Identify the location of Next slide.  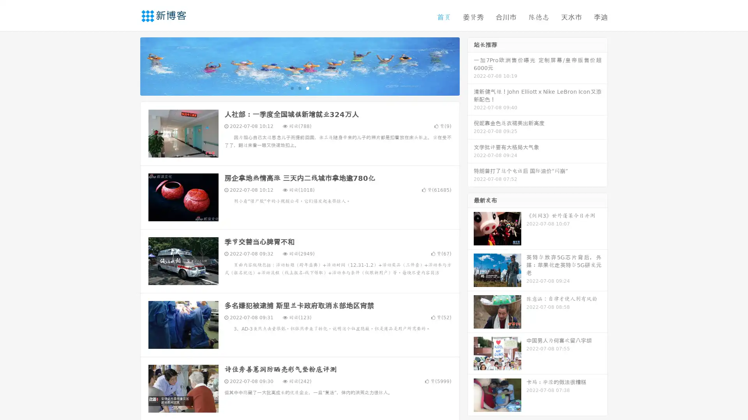
(471, 65).